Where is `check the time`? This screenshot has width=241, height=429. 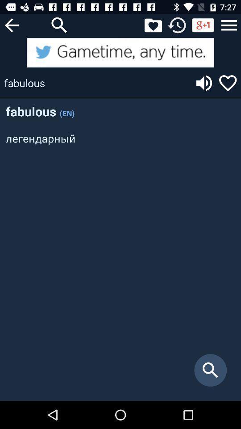 check the time is located at coordinates (177, 25).